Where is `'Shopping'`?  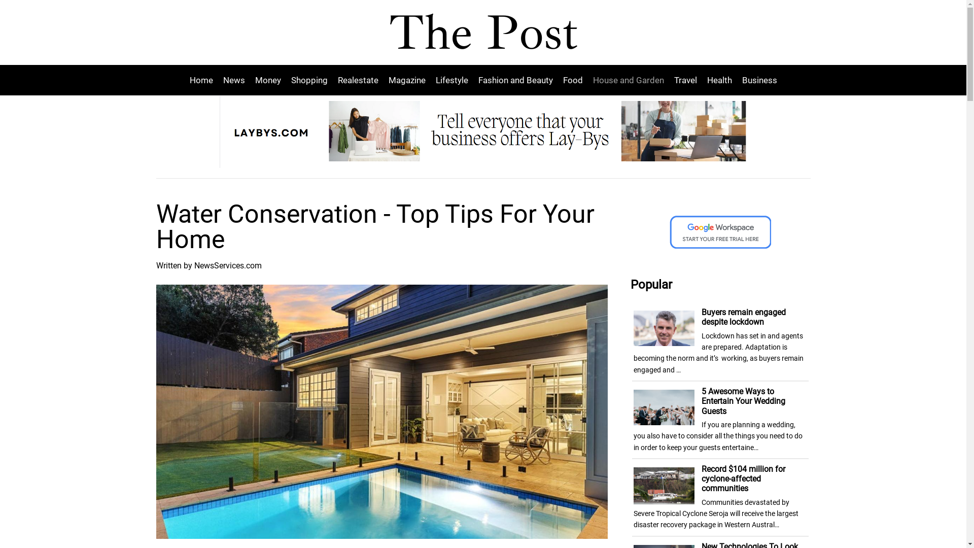
'Shopping' is located at coordinates (308, 80).